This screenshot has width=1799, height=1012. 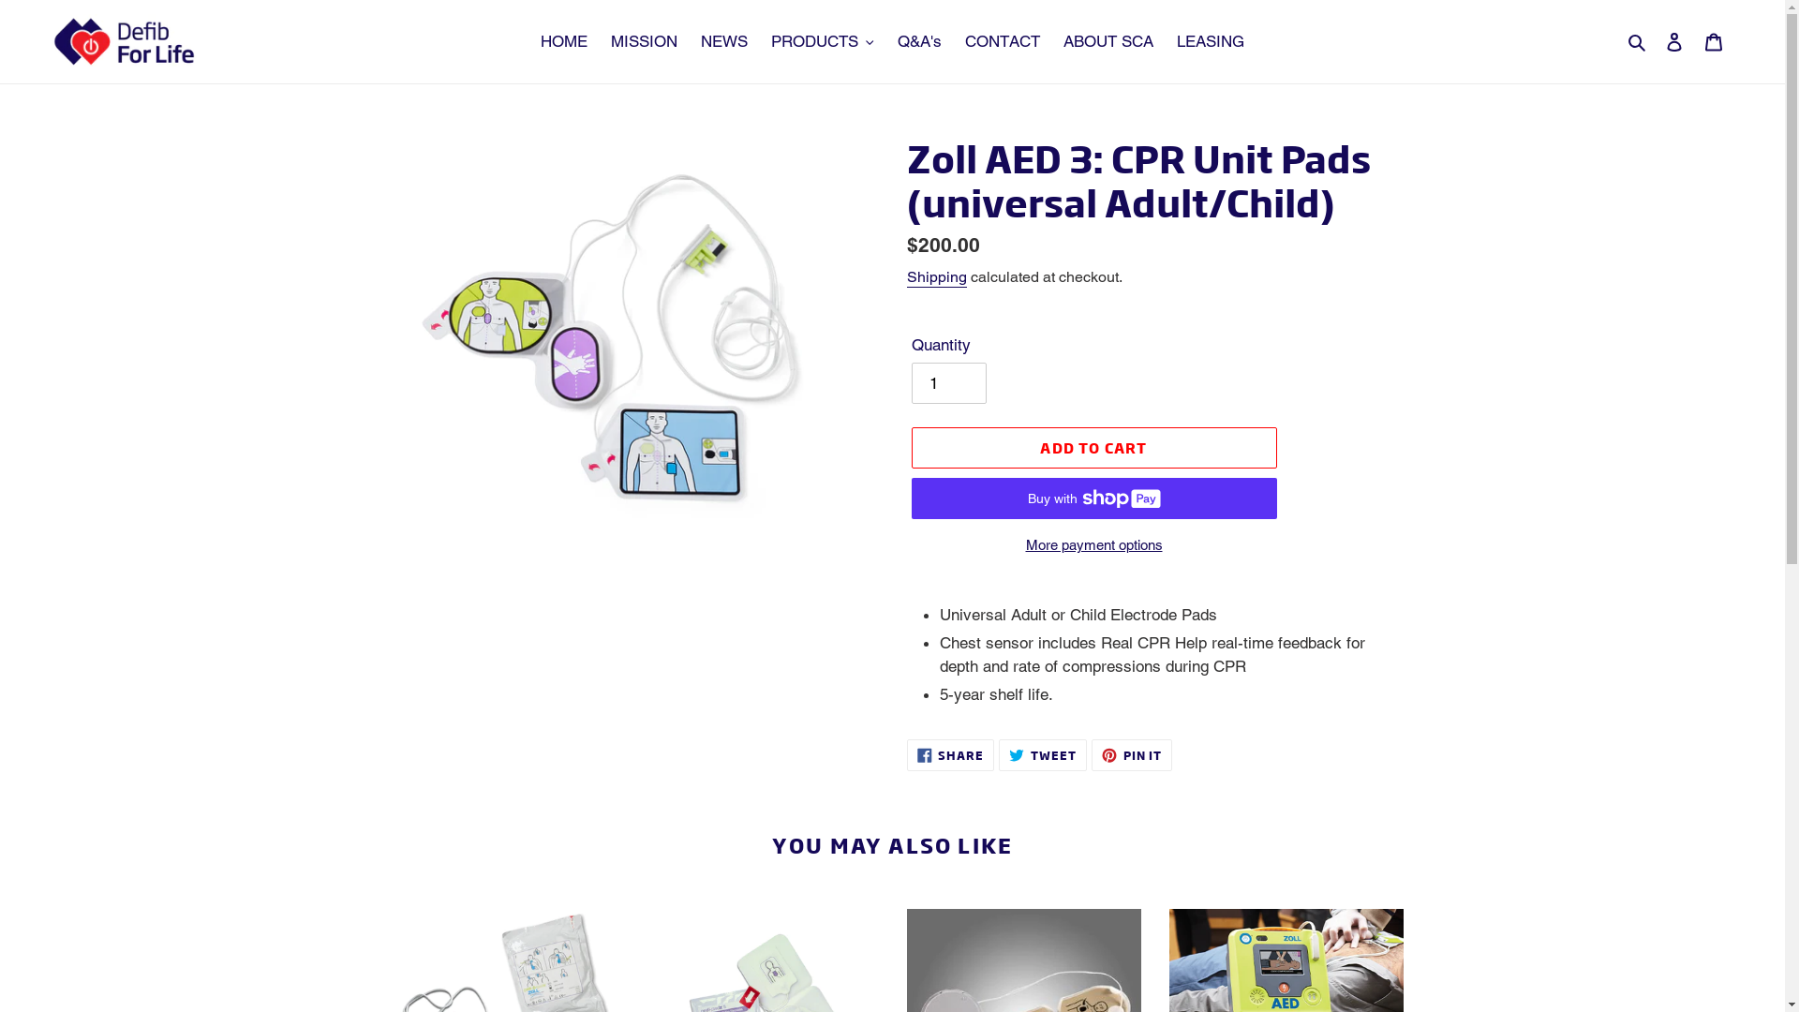 I want to click on 'MISSION', so click(x=644, y=42).